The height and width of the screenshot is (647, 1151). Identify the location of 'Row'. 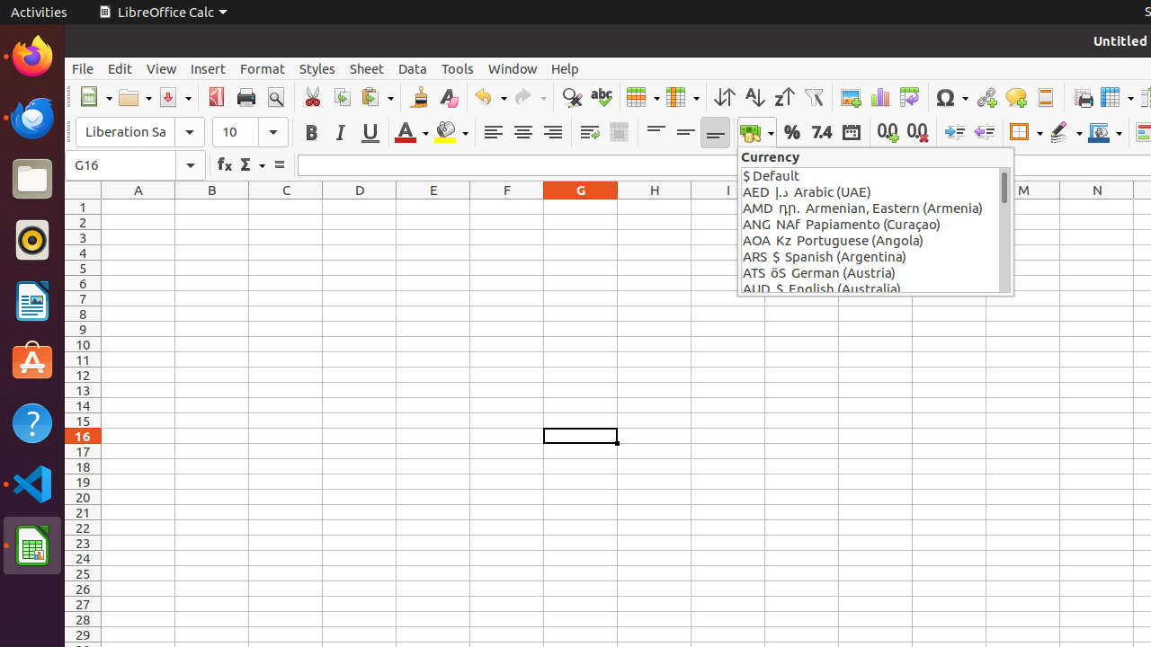
(643, 97).